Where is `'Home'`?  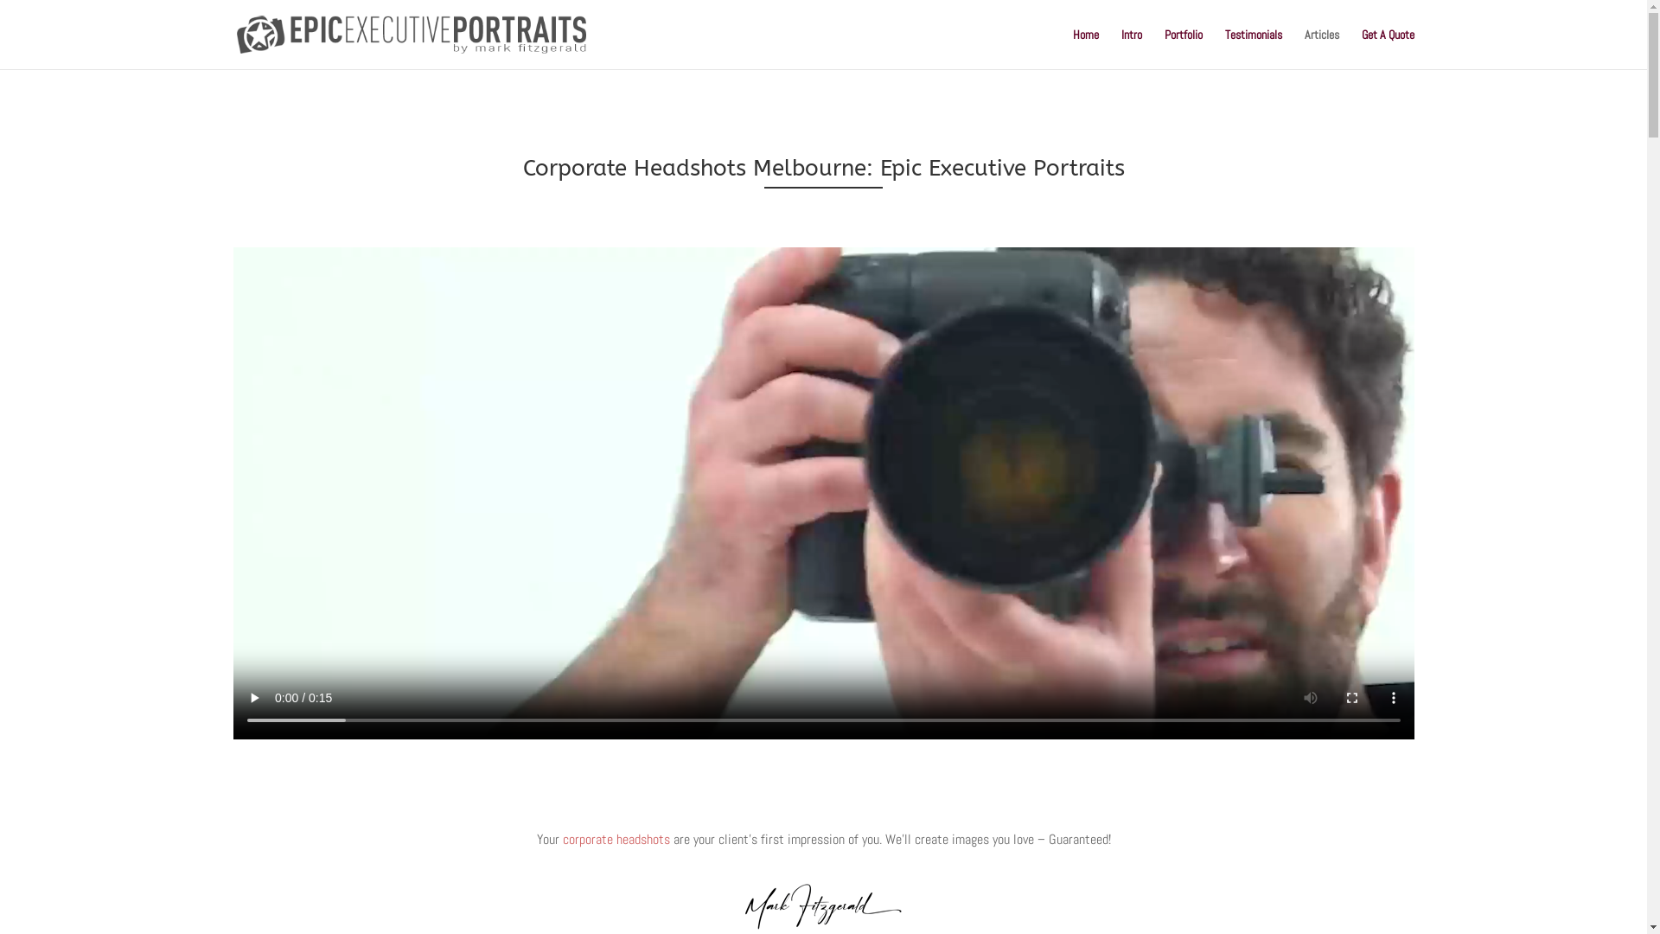 'Home' is located at coordinates (1083, 48).